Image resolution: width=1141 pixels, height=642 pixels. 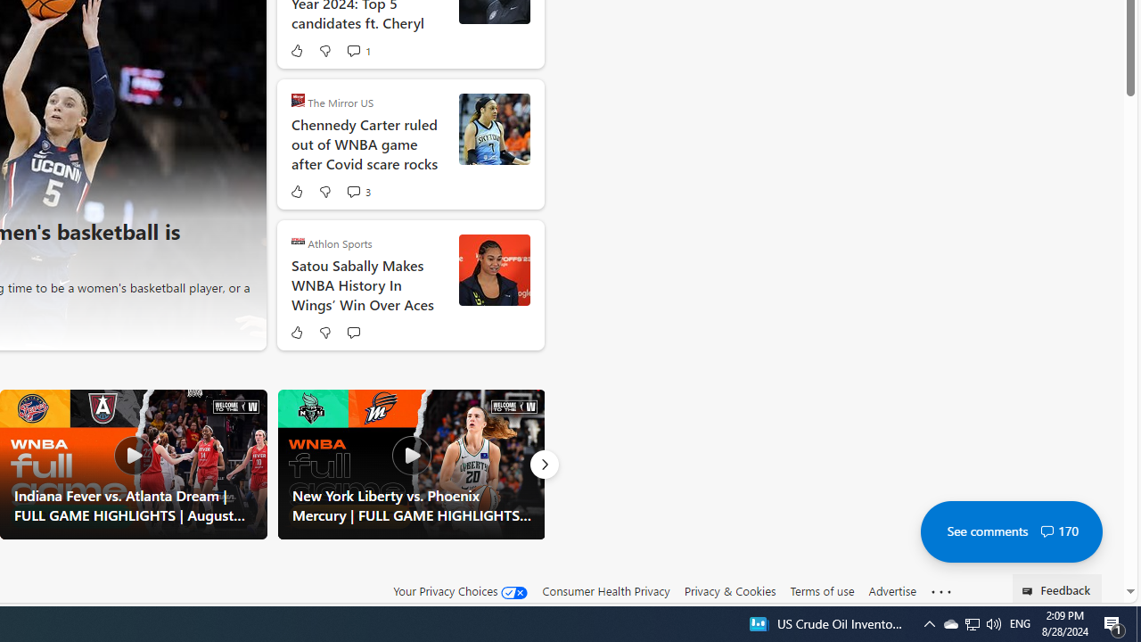 What do you see at coordinates (353, 192) in the screenshot?
I see `'View comments 3 Comment'` at bounding box center [353, 192].